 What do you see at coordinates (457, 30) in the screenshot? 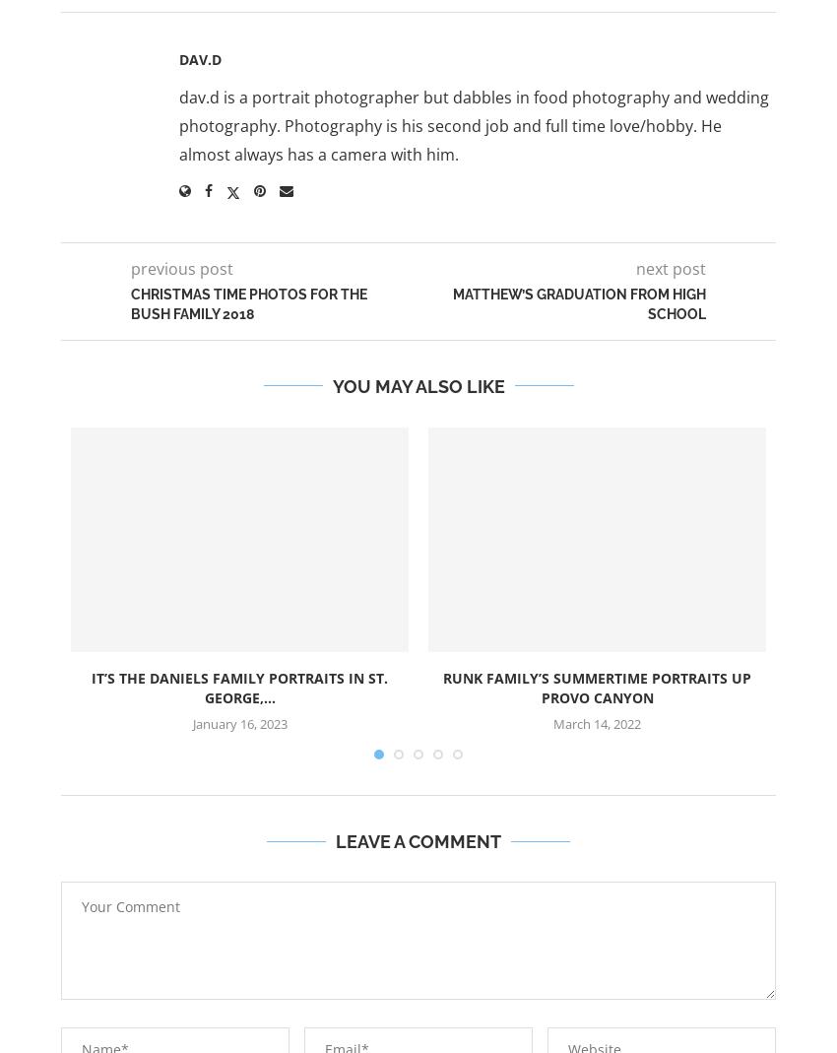
I see `'Twitter'` at bounding box center [457, 30].